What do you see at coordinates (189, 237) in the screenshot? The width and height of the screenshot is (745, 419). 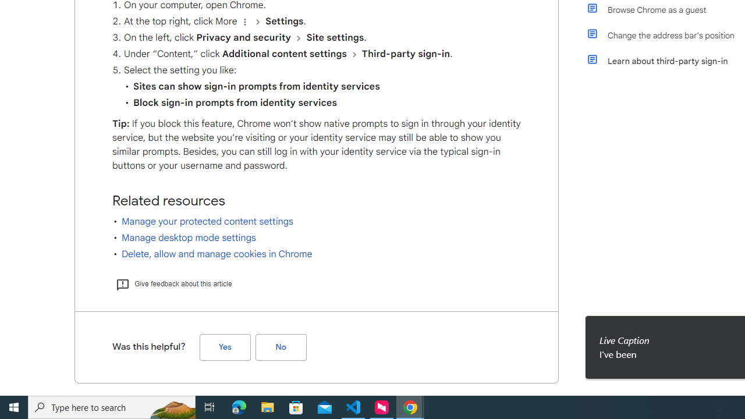 I see `'Manage desktop mode settings'` at bounding box center [189, 237].